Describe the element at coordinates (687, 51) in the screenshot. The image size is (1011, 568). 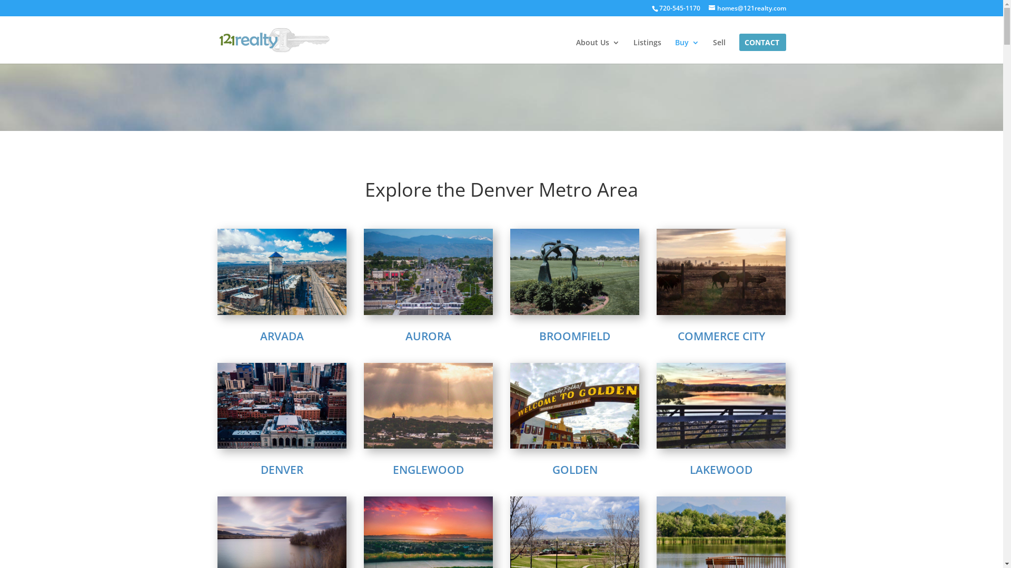
I see `'Buy'` at that location.